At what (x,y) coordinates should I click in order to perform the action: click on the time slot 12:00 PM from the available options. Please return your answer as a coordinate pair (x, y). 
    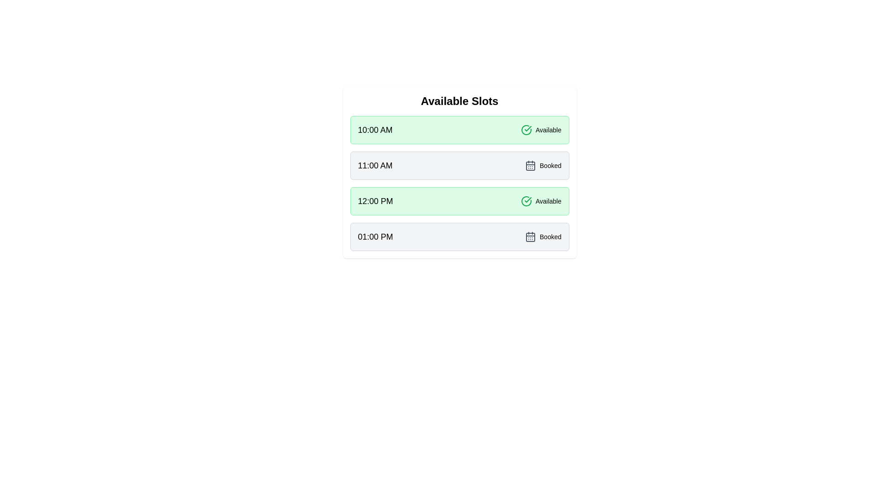
    Looking at the image, I should click on (459, 200).